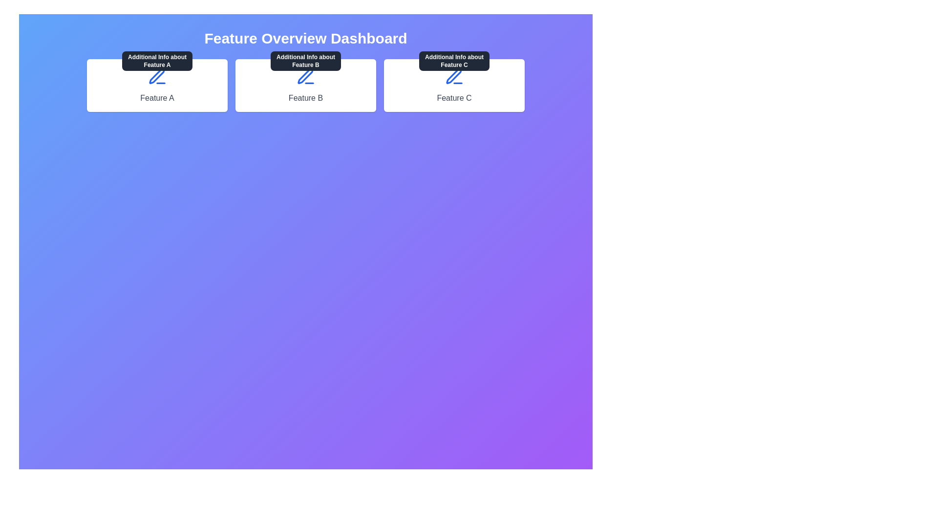  Describe the element at coordinates (305, 85) in the screenshot. I see `the Information card featuring a blue pen icon and the text 'Feature B' below it, which is the second item in a three-item grid layout` at that location.